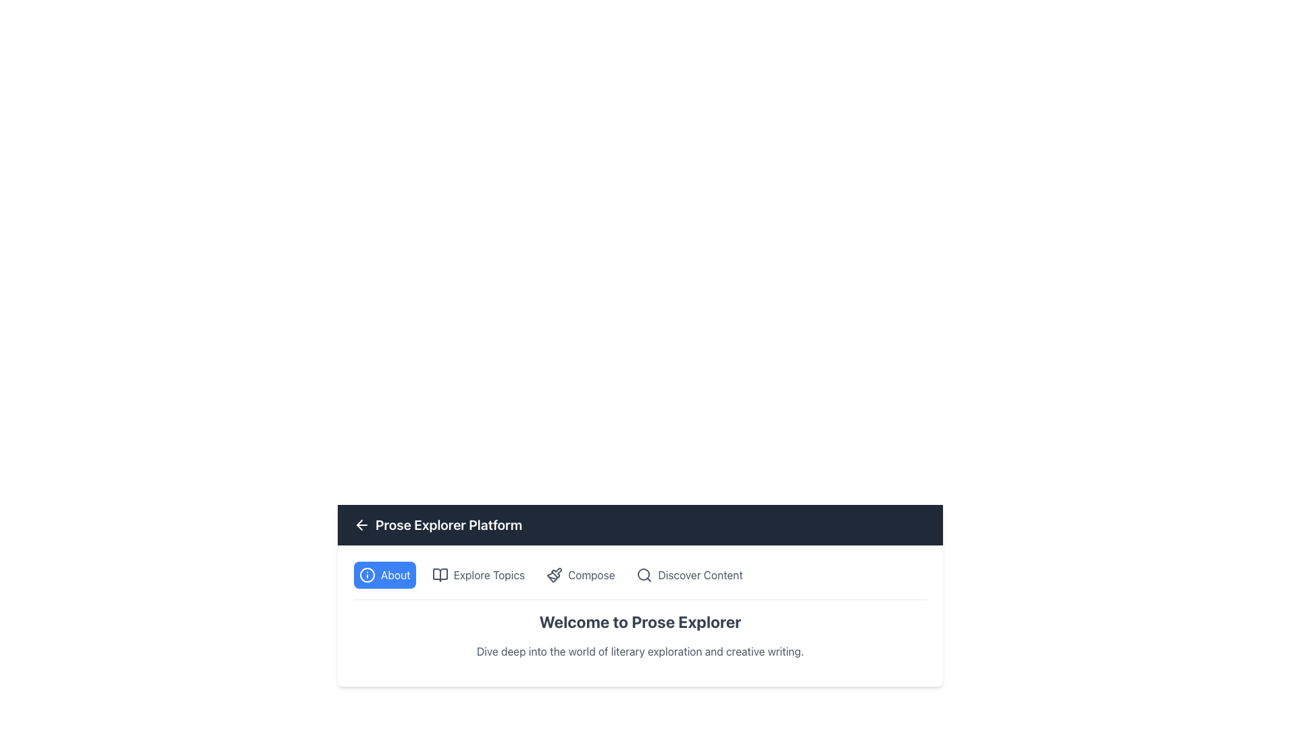 This screenshot has width=1297, height=730. What do you see at coordinates (384, 575) in the screenshot?
I see `the 'About' button, which is the first button in the toolbar below the 'Prose Explorer Platform' header, featuring a blue background and white text with an info icon` at bounding box center [384, 575].